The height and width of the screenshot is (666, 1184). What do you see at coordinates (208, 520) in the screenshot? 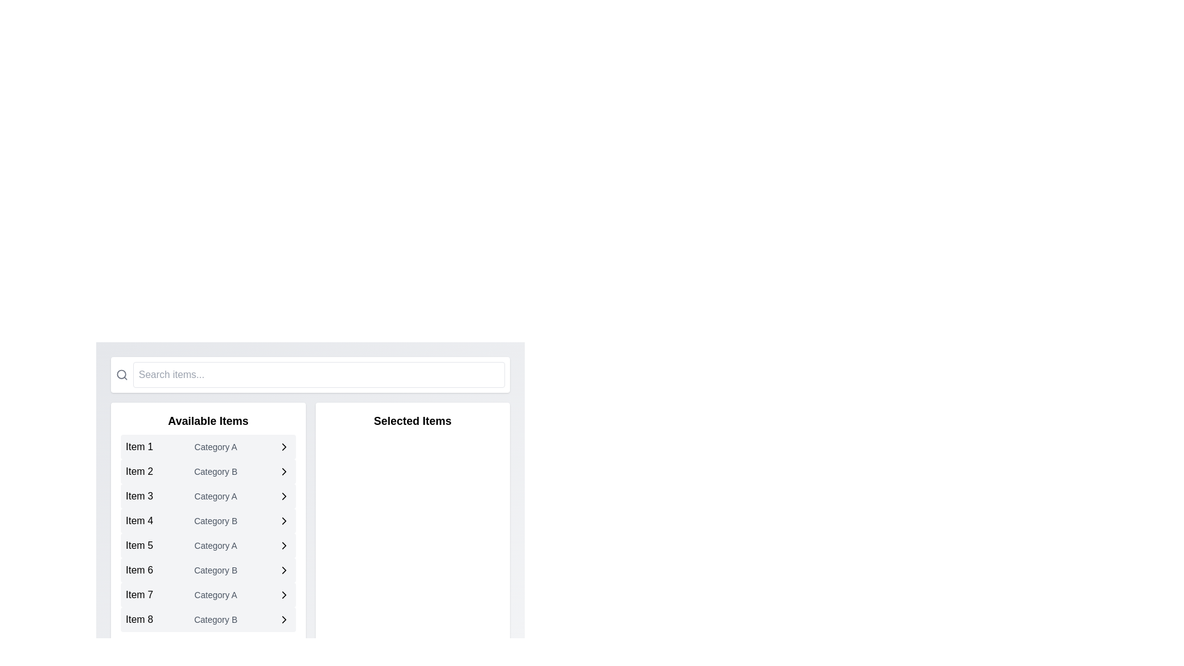
I see `the fourth item in the 'Available Items' list, which represents 'Item 4' under 'Category B,'` at bounding box center [208, 520].